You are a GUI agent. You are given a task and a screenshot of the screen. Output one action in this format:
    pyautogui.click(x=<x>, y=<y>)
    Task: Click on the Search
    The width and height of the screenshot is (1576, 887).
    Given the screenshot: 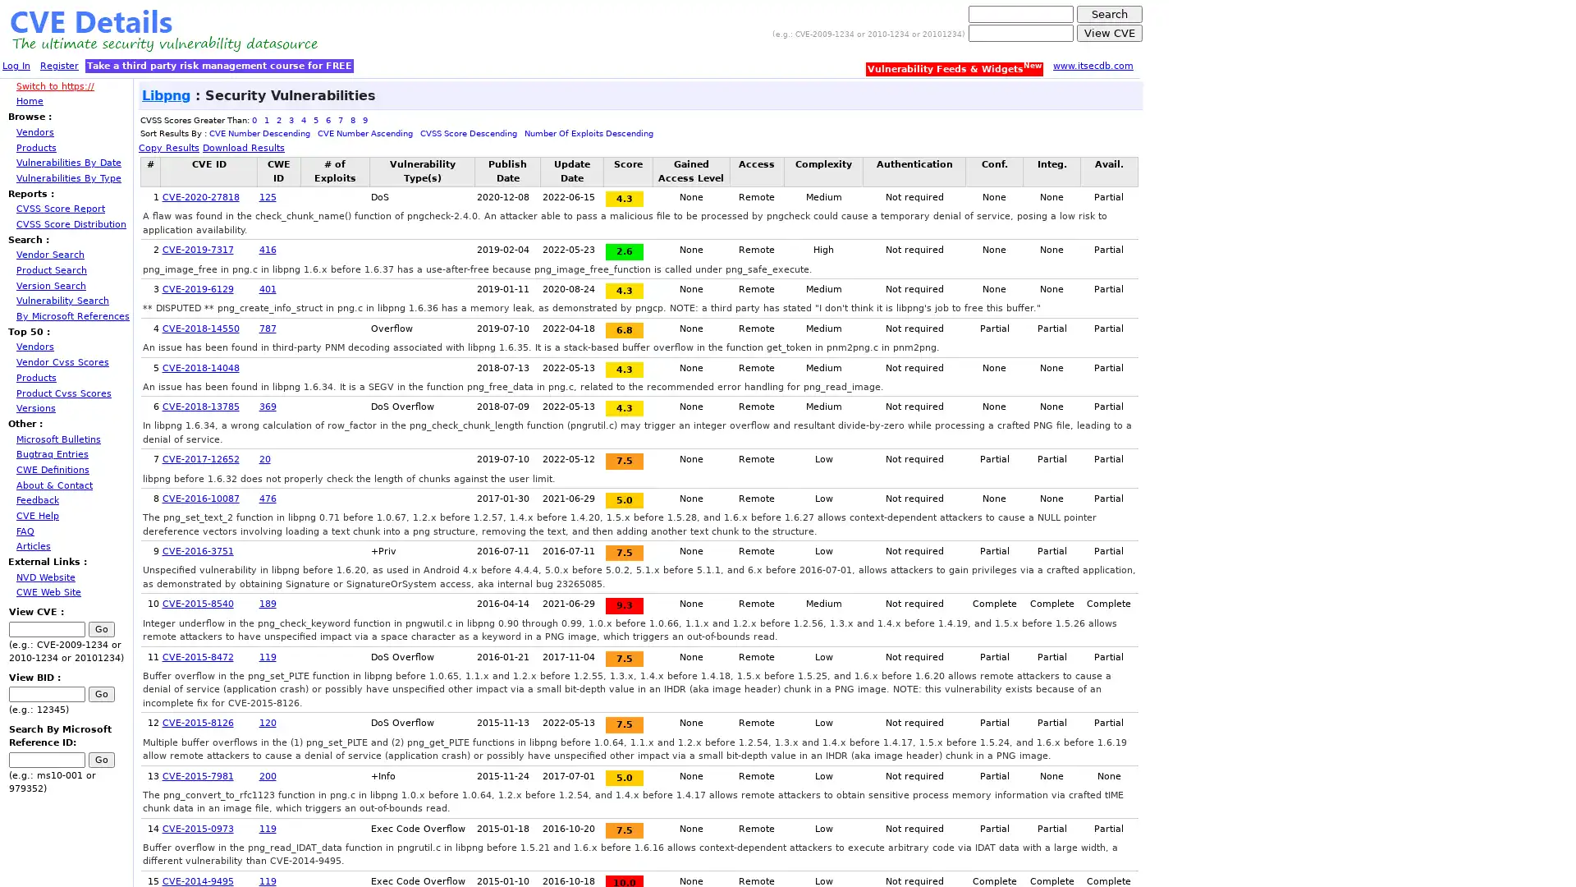 What is the action you would take?
    pyautogui.click(x=1110, y=14)
    